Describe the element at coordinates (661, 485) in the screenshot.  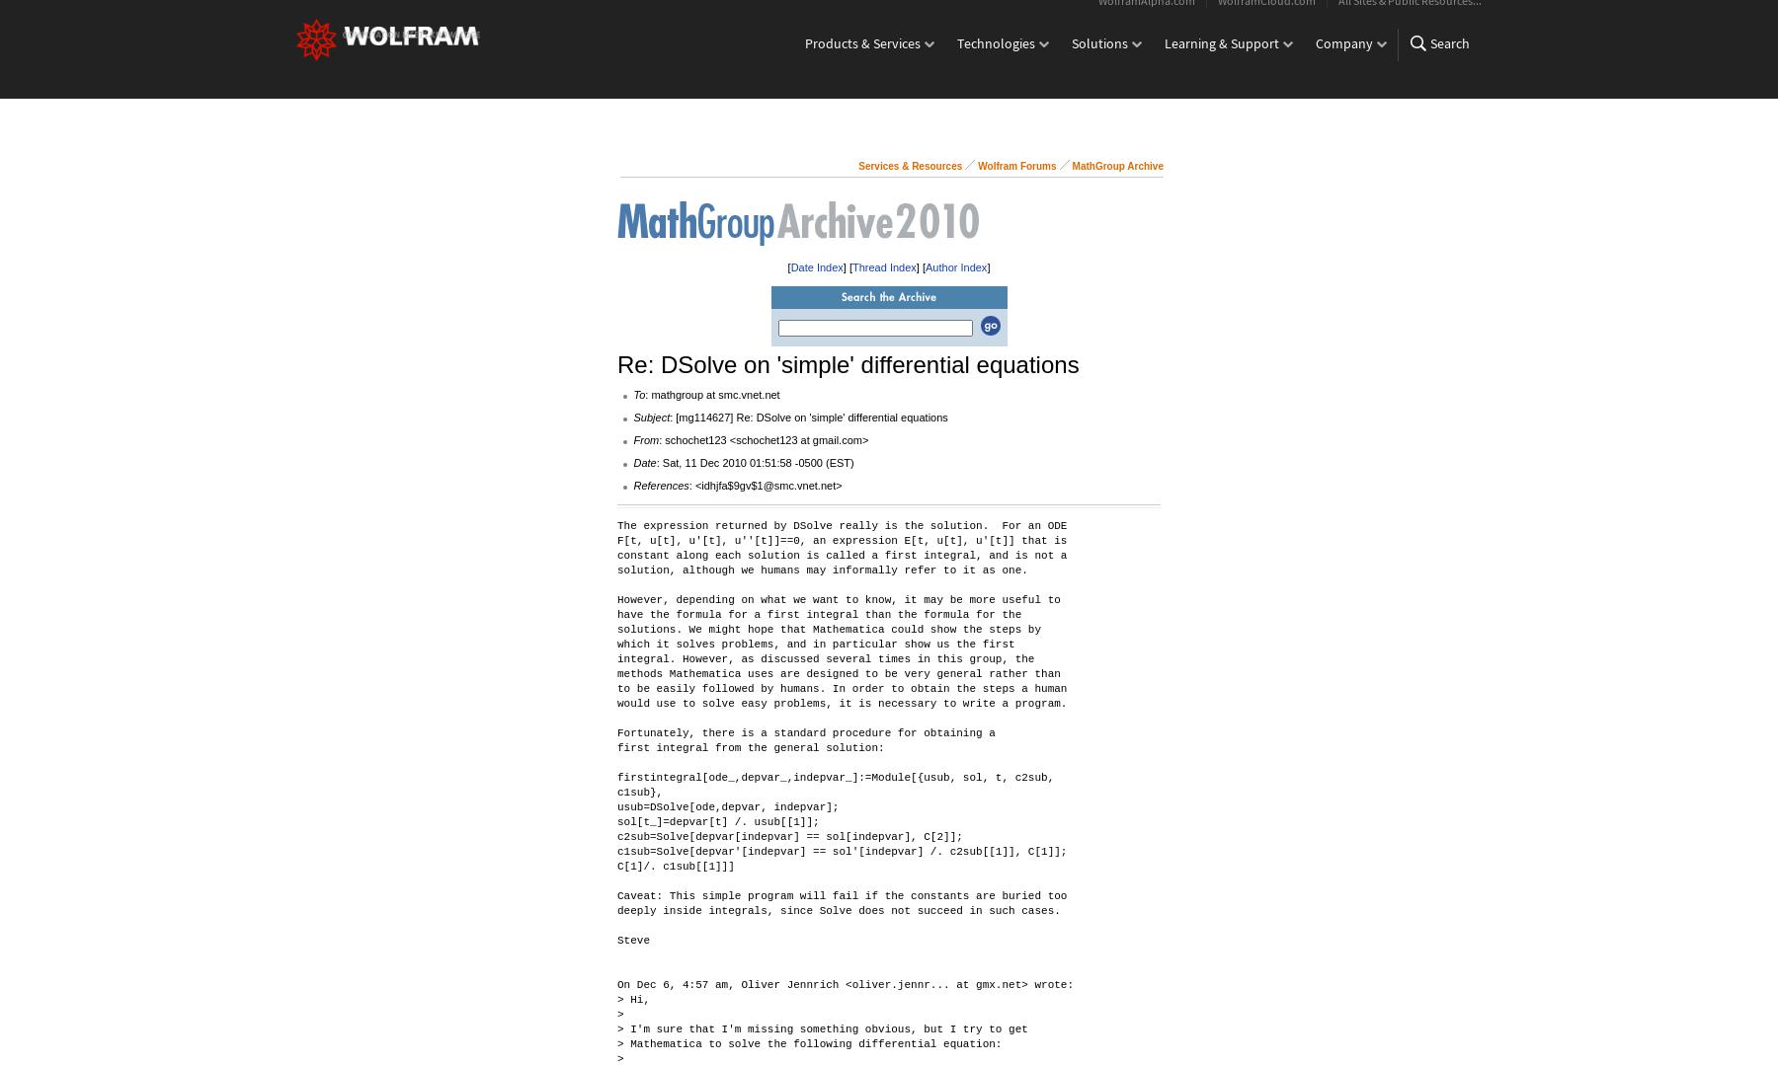
I see `'References'` at that location.